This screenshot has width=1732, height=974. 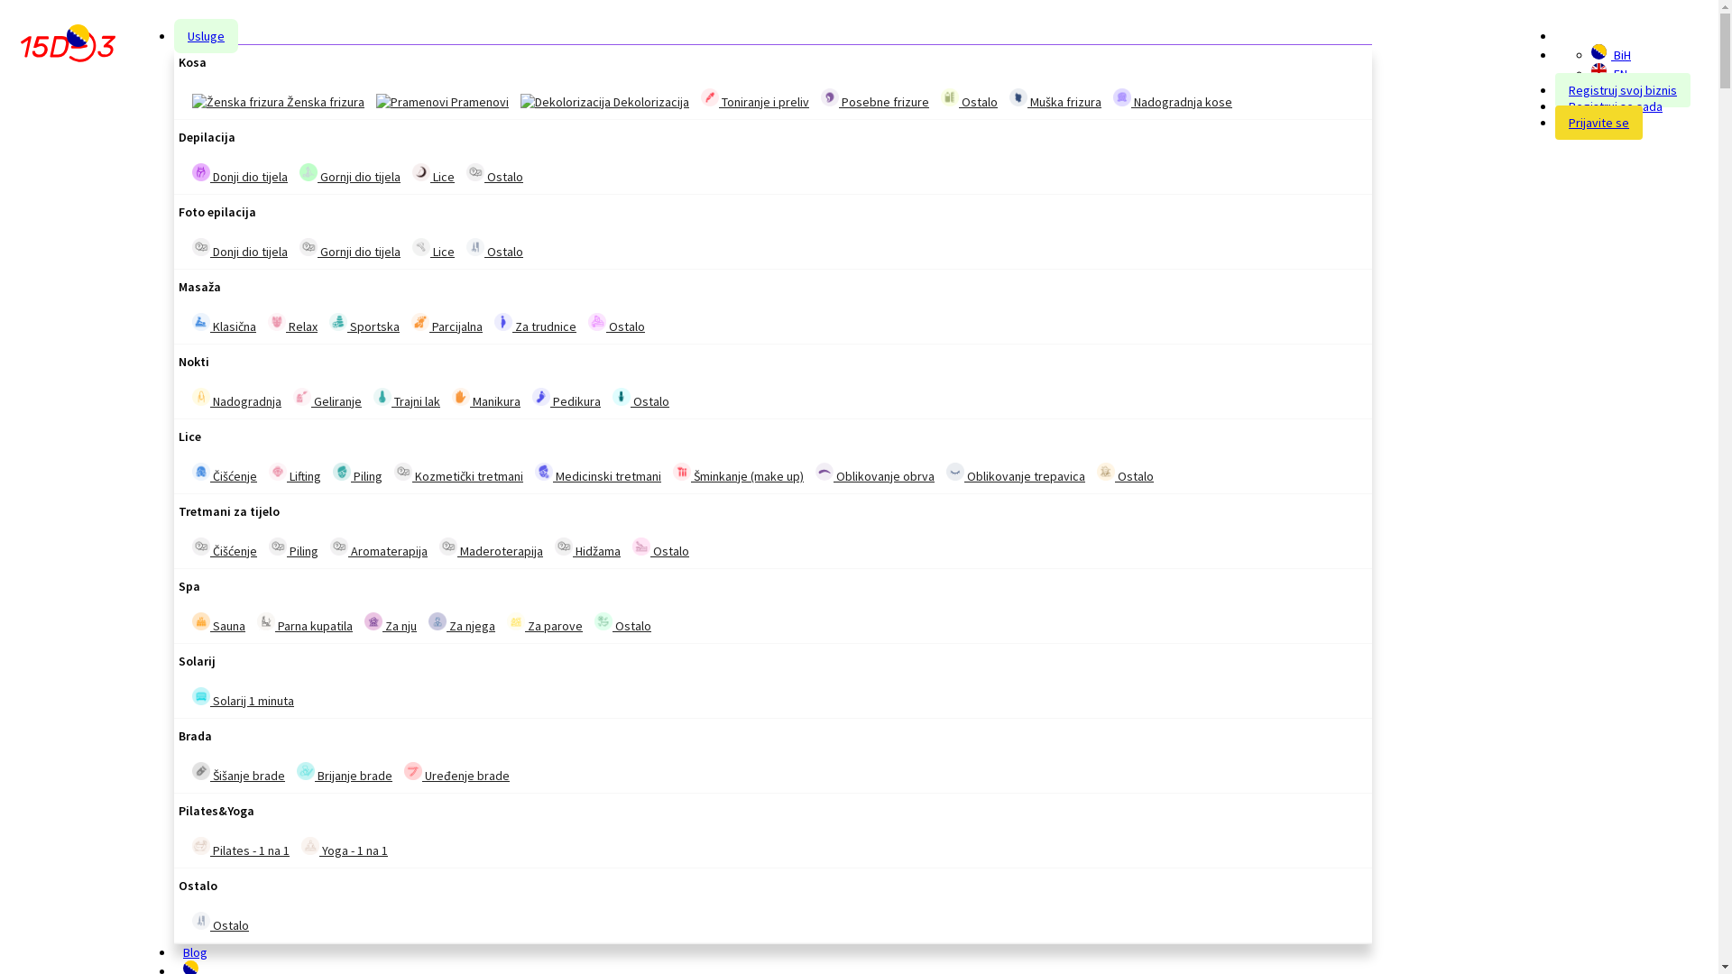 What do you see at coordinates (1598, 51) in the screenshot?
I see `'BiH'` at bounding box center [1598, 51].